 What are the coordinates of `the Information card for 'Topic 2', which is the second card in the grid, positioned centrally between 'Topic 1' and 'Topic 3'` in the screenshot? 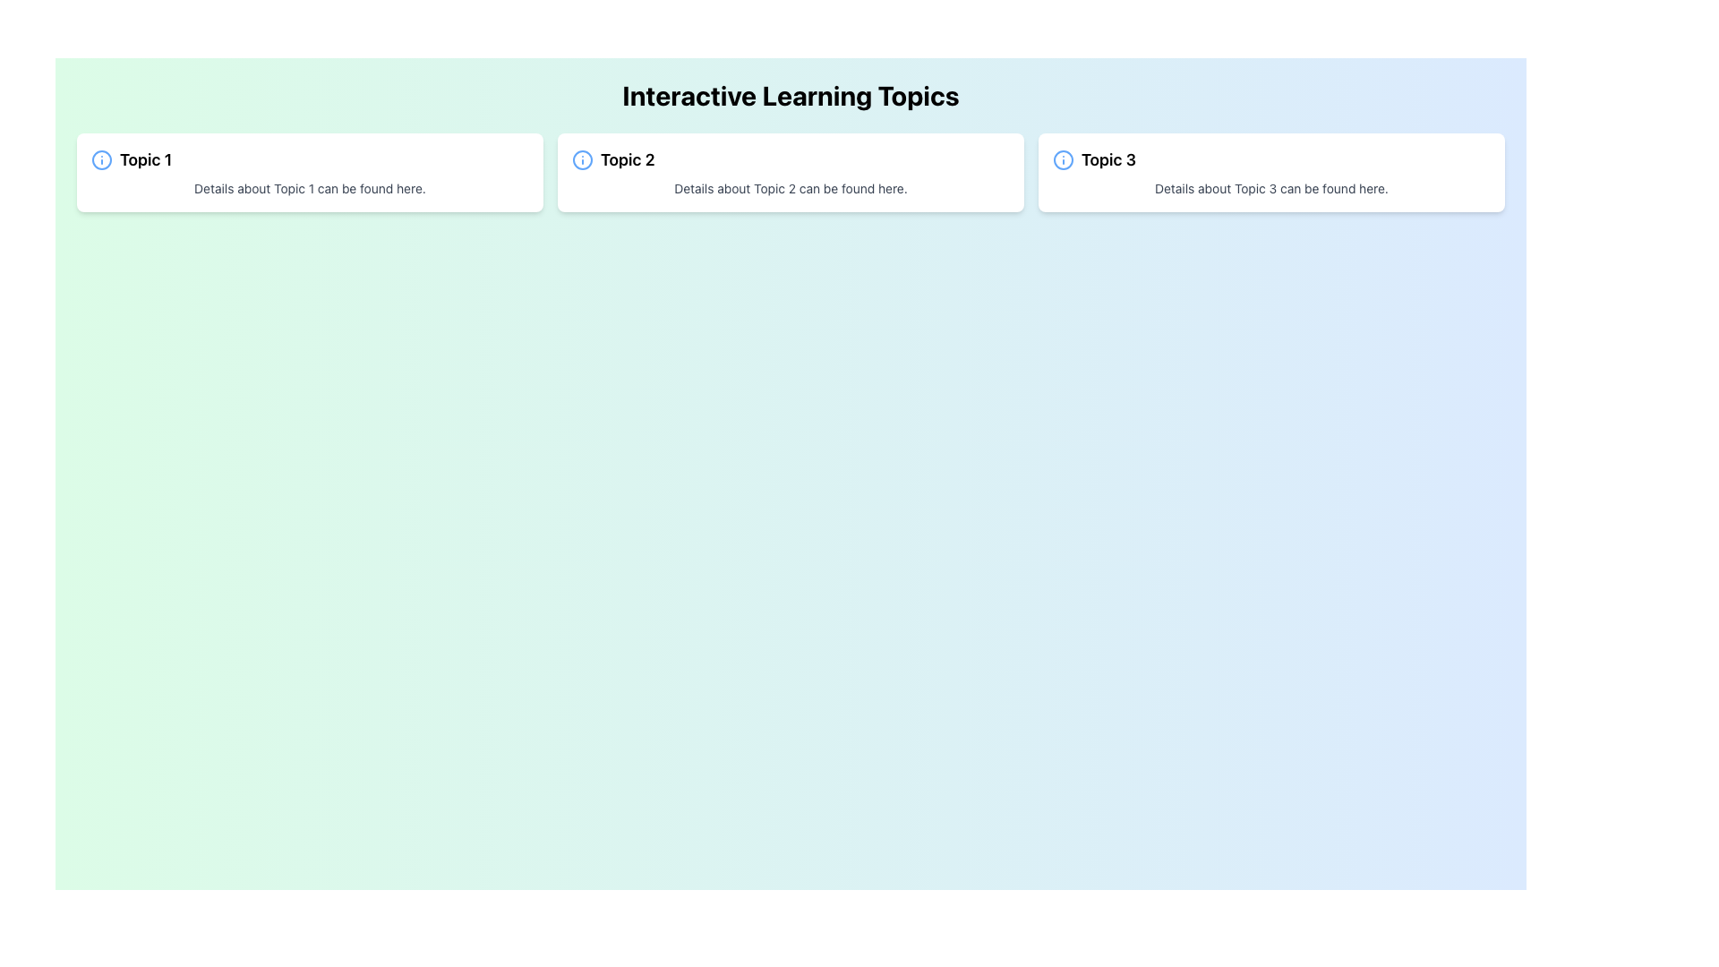 It's located at (790, 172).